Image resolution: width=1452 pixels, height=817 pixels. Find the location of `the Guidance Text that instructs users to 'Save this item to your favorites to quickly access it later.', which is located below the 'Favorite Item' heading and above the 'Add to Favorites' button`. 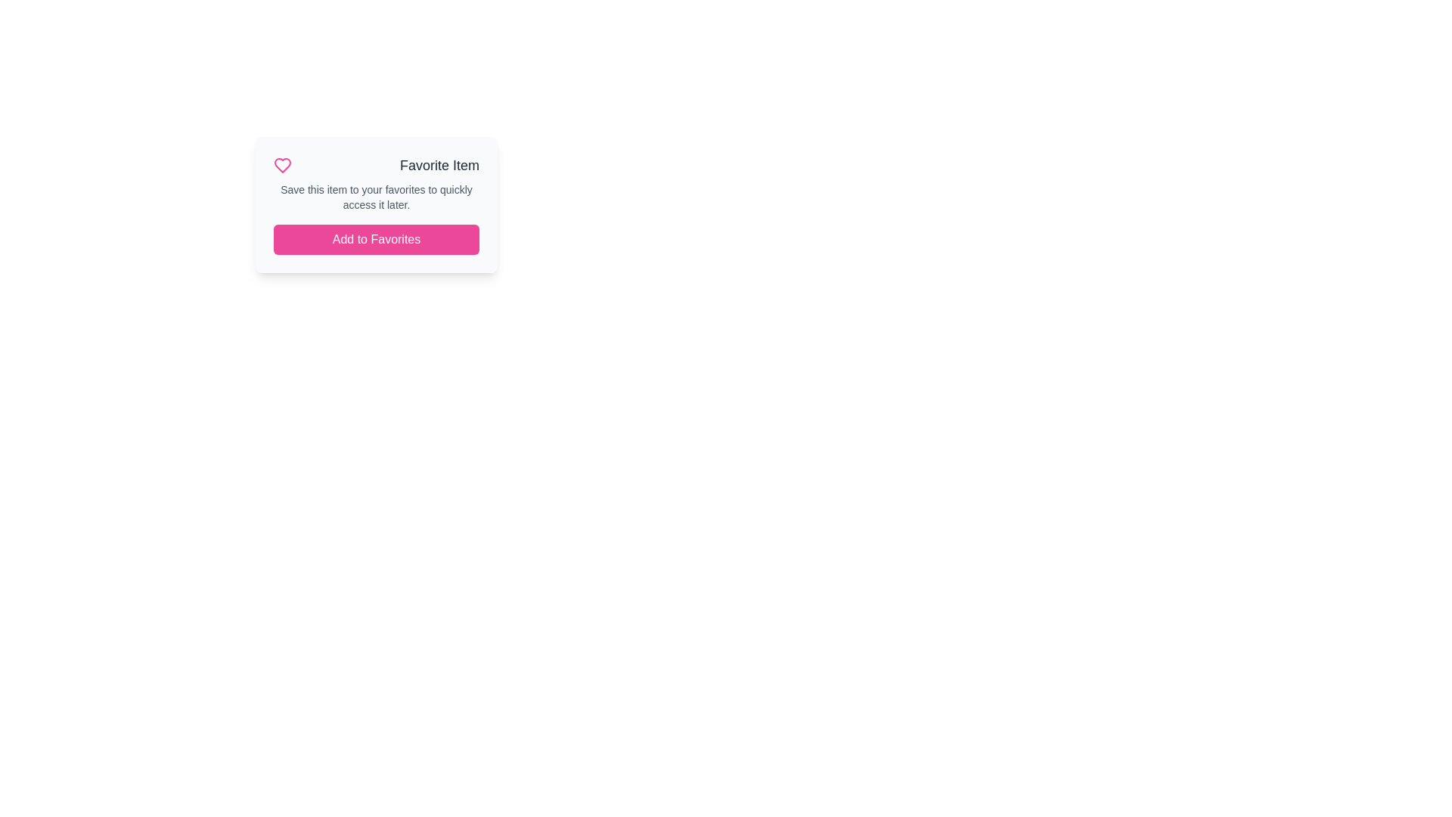

the Guidance Text that instructs users to 'Save this item to your favorites to quickly access it later.', which is located below the 'Favorite Item' heading and above the 'Add to Favorites' button is located at coordinates (377, 197).